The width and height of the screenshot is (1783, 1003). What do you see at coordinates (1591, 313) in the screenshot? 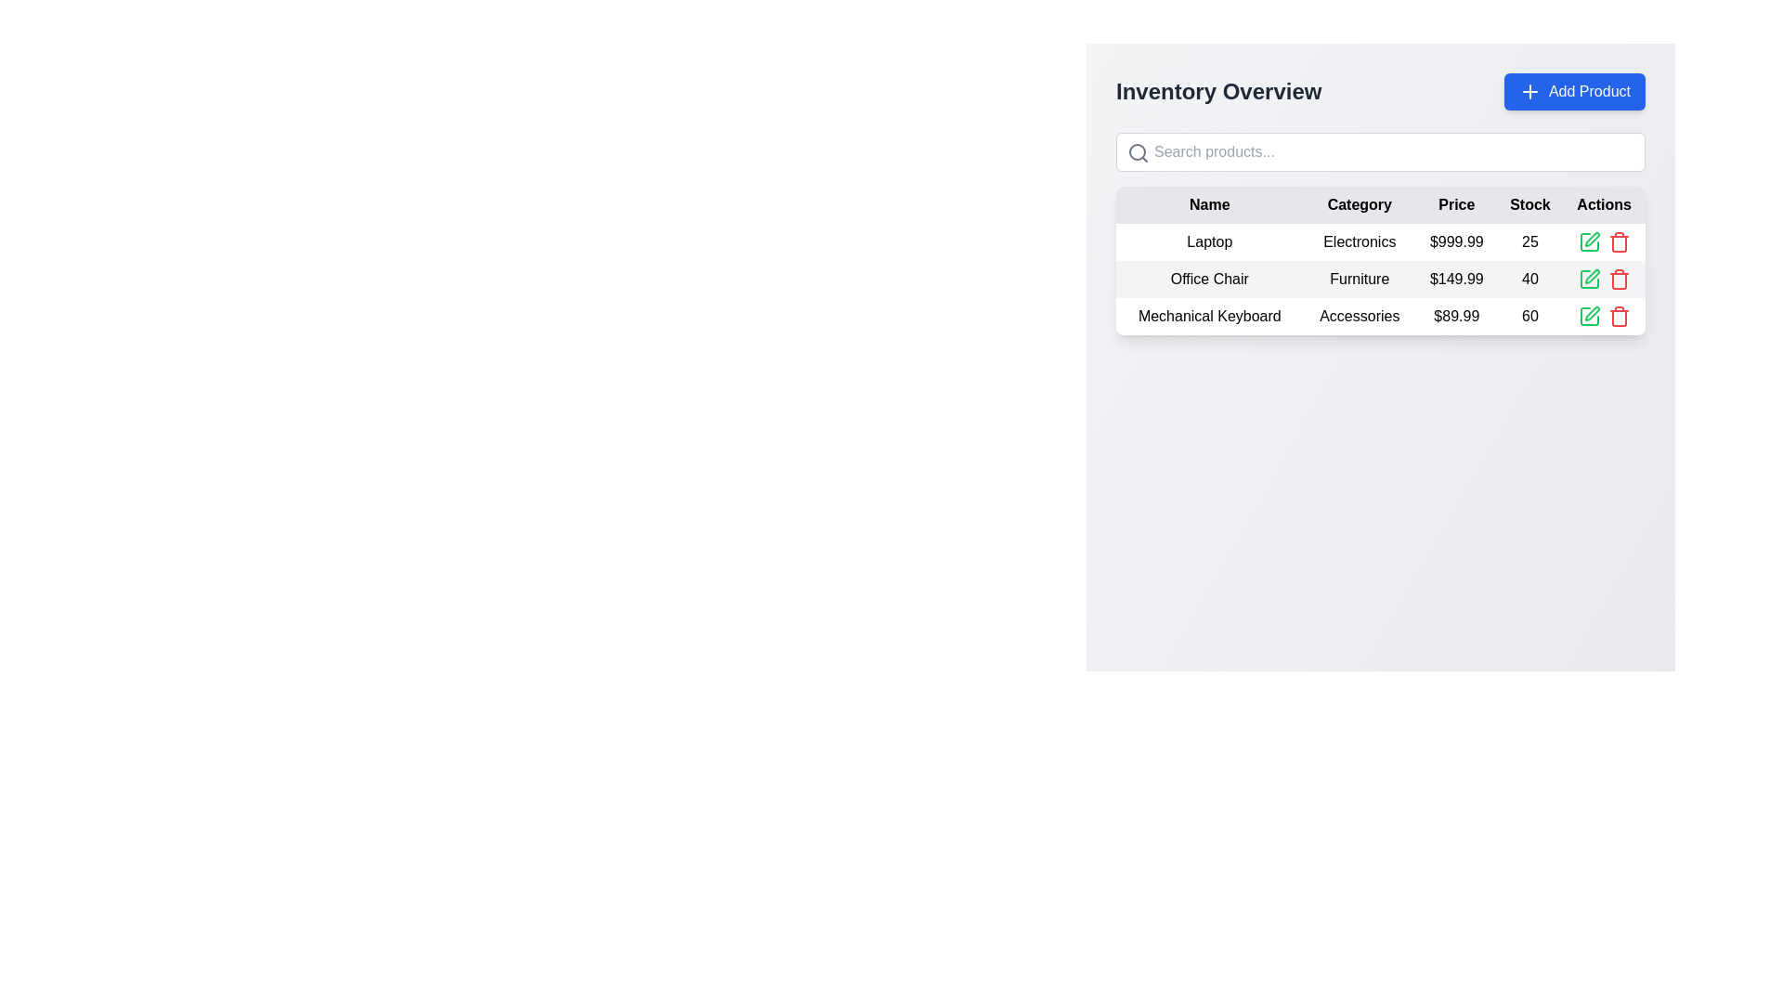
I see `the green edit icon with a pen design, which is the leftmost action button in the Actions column for the last row (Mechanical Keyboard) of the table` at bounding box center [1591, 313].